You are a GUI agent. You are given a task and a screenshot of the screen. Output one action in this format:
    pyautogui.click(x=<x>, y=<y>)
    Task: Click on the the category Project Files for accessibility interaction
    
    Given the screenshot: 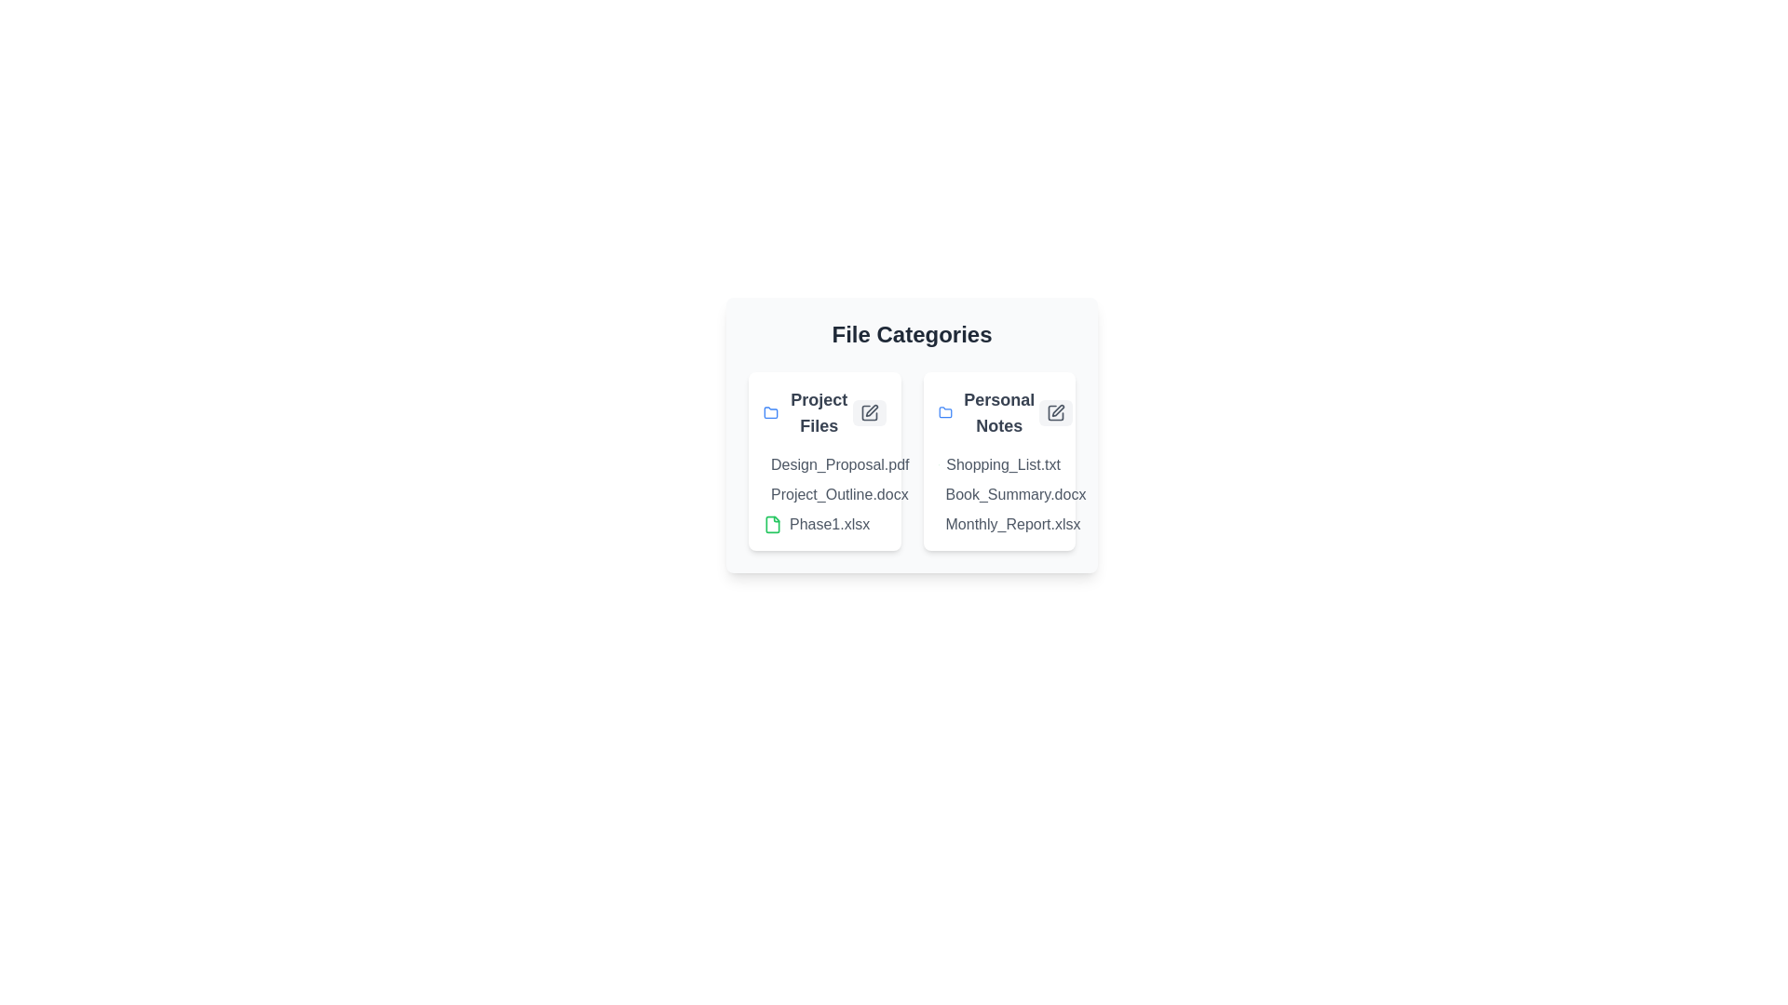 What is the action you would take?
    pyautogui.click(x=823, y=411)
    